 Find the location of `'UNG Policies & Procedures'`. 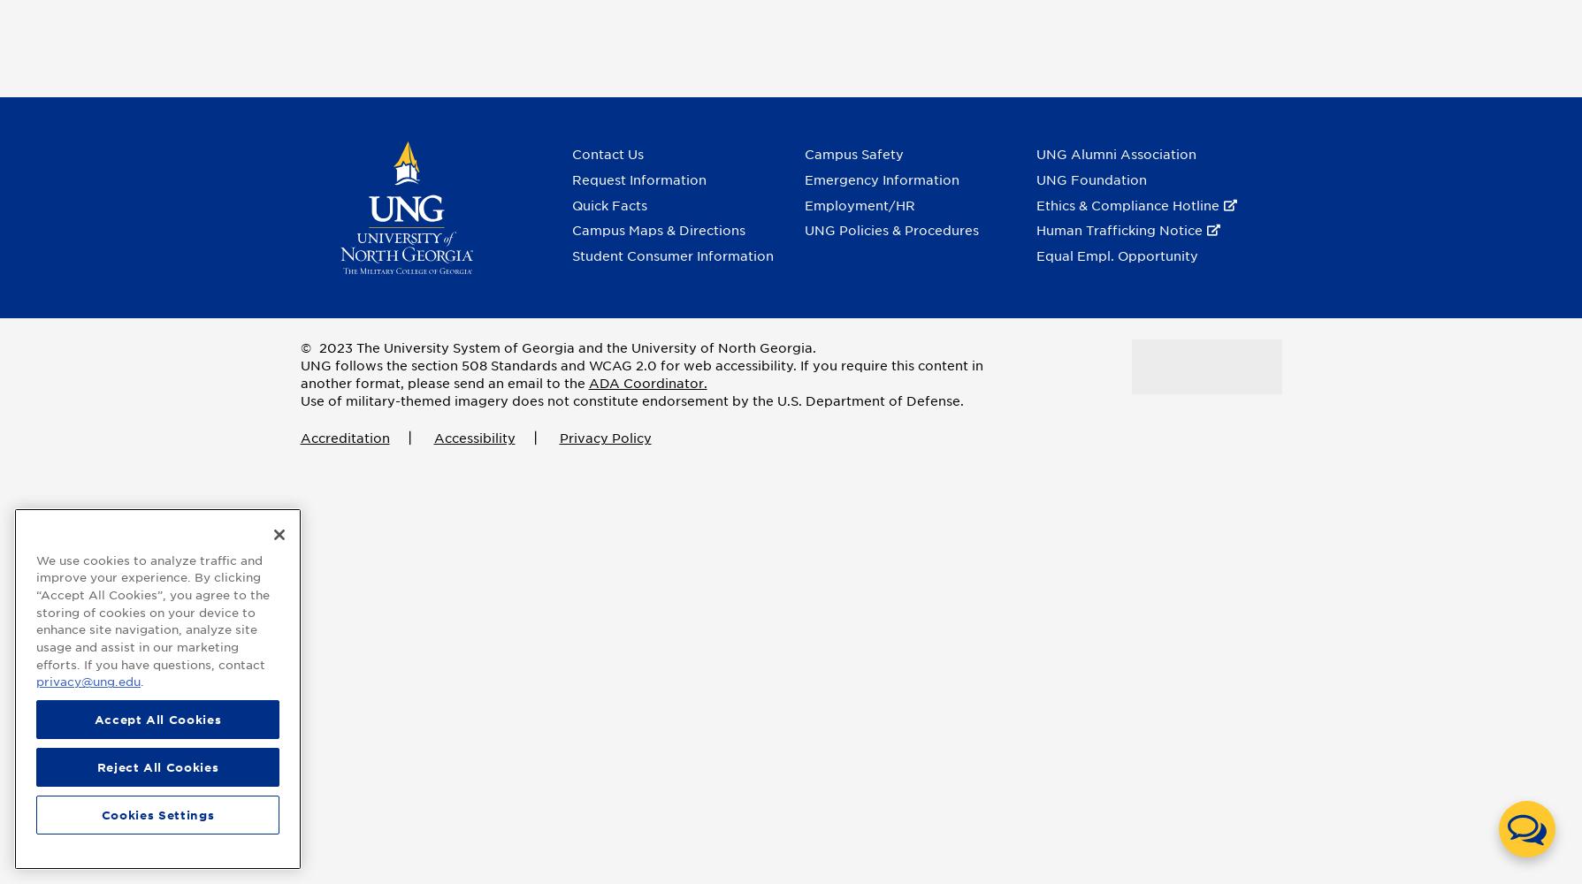

'UNG Policies & Procedures' is located at coordinates (890, 231).